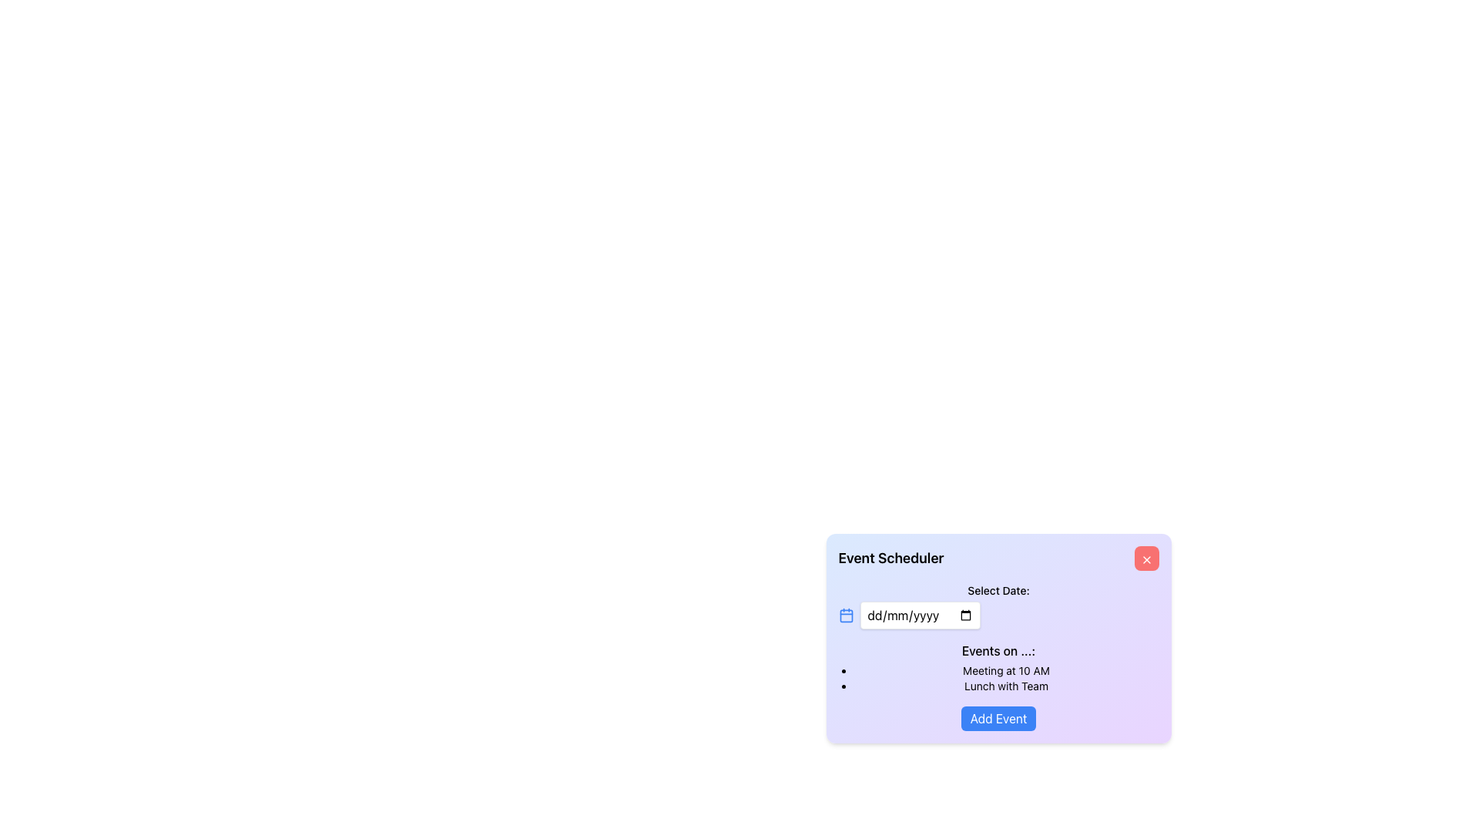  What do you see at coordinates (1146, 559) in the screenshot?
I see `the close button located in the top-right corner of the 'Event Scheduler' dialog` at bounding box center [1146, 559].